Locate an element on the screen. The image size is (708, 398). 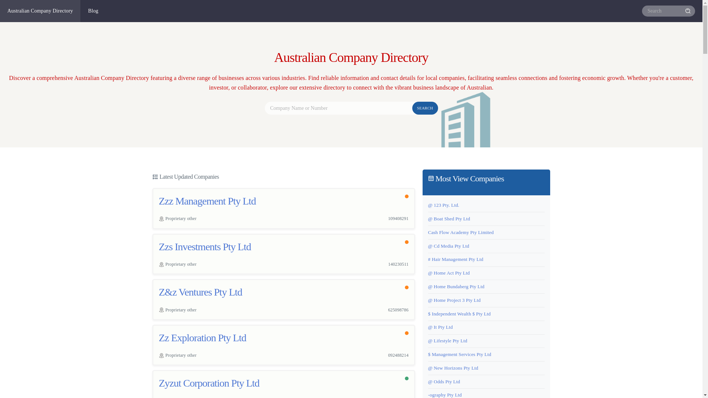
'Zyzut Corporation Pty Ltd' is located at coordinates (208, 383).